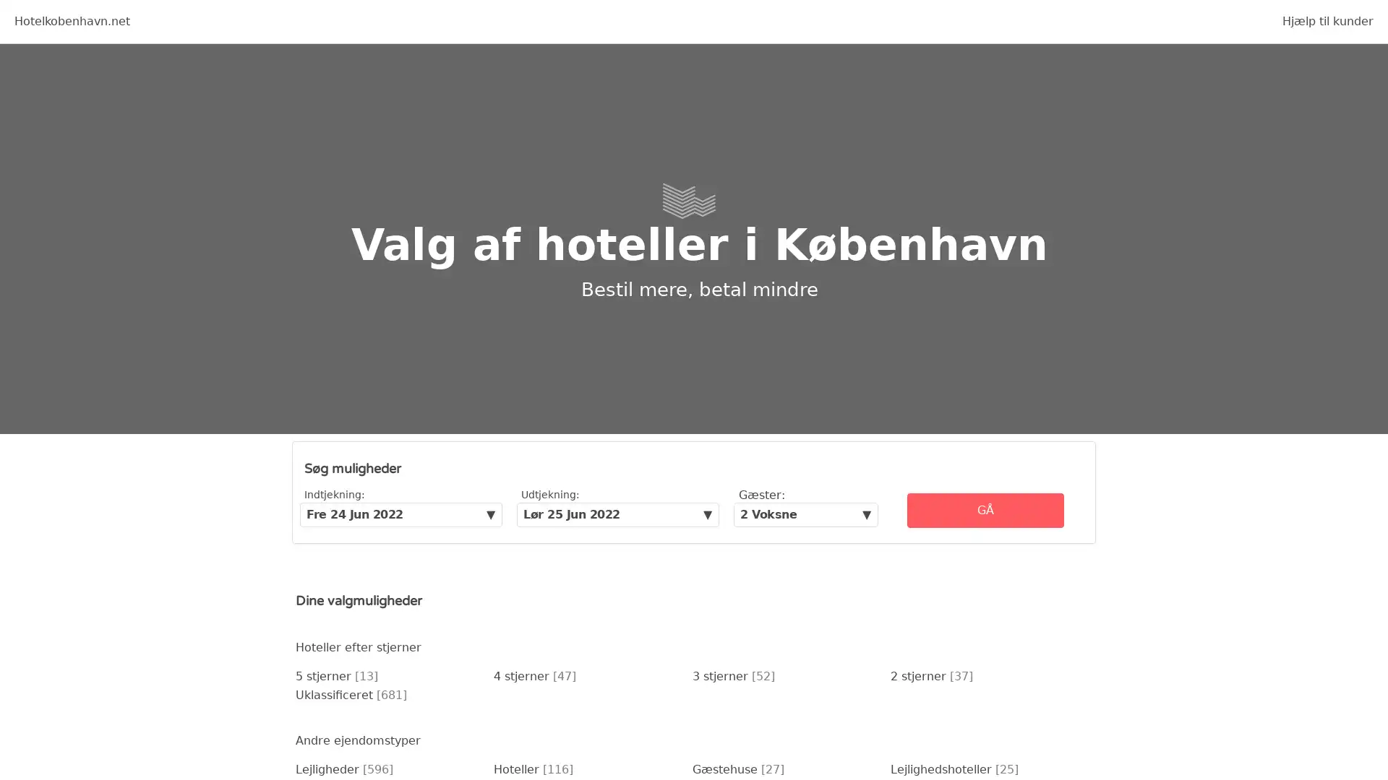 This screenshot has width=1388, height=780. I want to click on GA, so click(985, 509).